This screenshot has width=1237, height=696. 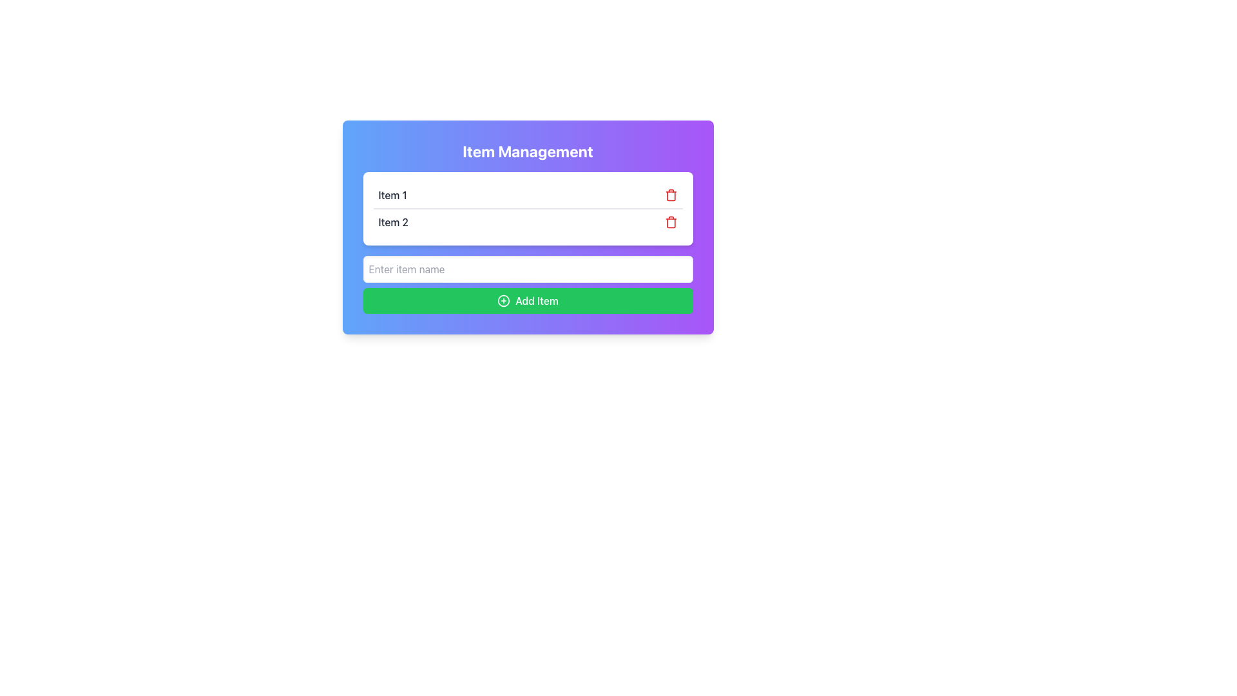 What do you see at coordinates (528, 151) in the screenshot?
I see `the header titled 'Item Management' which is displayed in bold white font against a colorful gradient background` at bounding box center [528, 151].